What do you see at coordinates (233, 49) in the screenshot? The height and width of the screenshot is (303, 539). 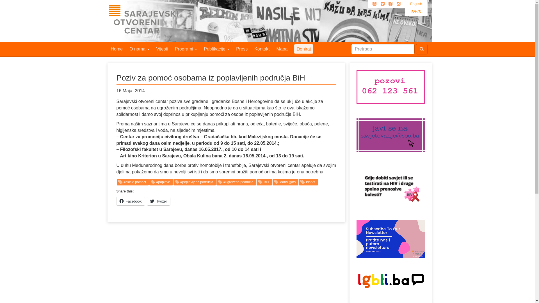 I see `'Press'` at bounding box center [233, 49].